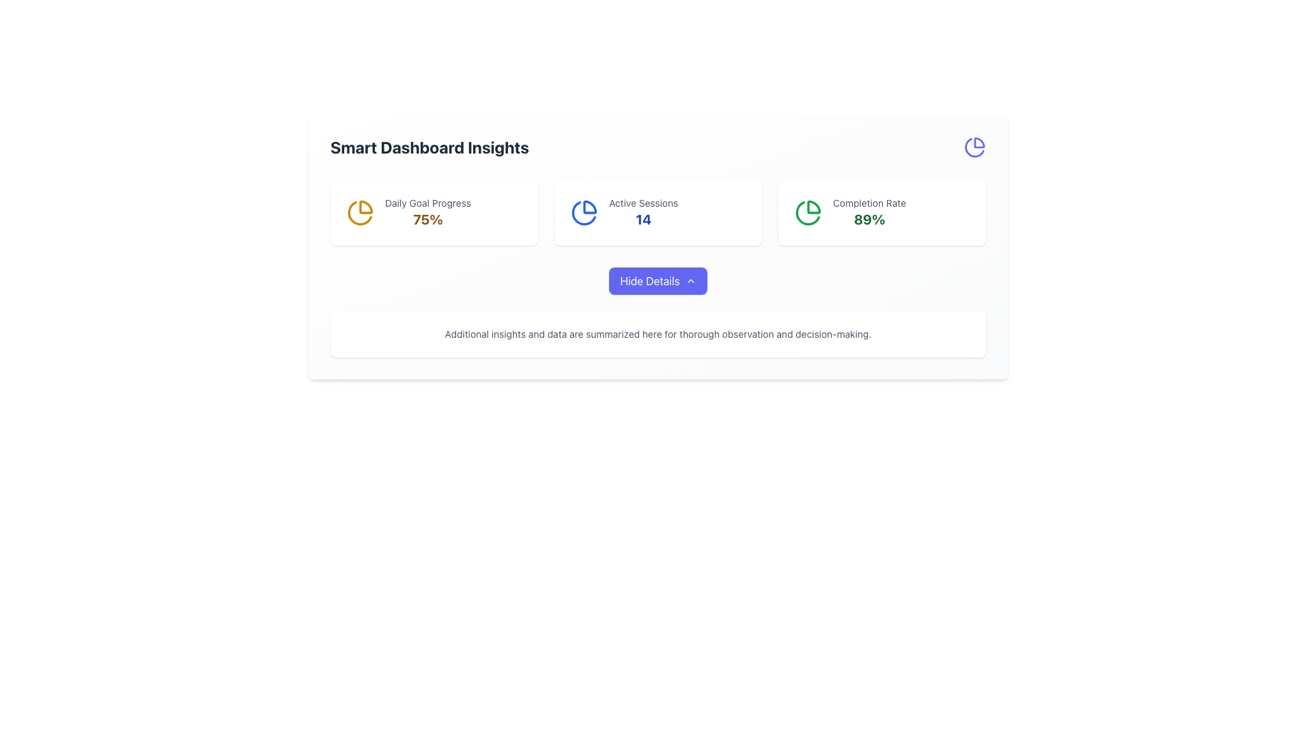 The width and height of the screenshot is (1311, 737). Describe the element at coordinates (643, 218) in the screenshot. I see `the text displaying the count of active sessions located in the center of the 'Active Sessions' card, positioned directly below the 'Active Sessions' label` at that location.